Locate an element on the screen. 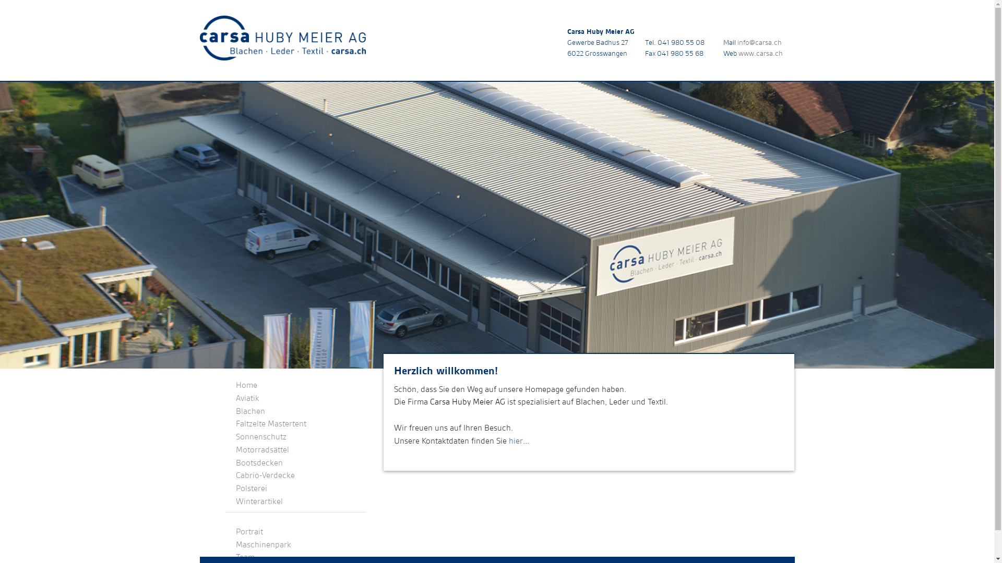  'Winterartikel' is located at coordinates (259, 500).